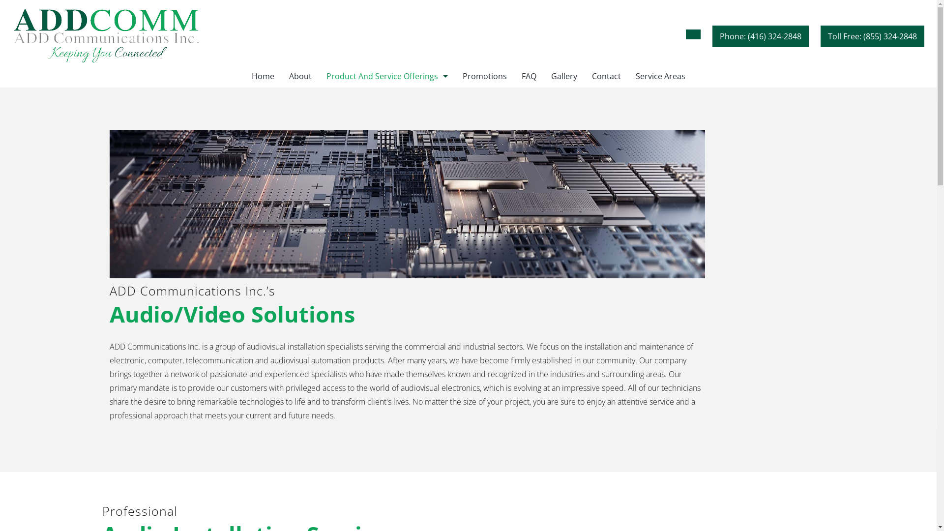 This screenshot has width=944, height=531. I want to click on 'Promotions', so click(455, 76).